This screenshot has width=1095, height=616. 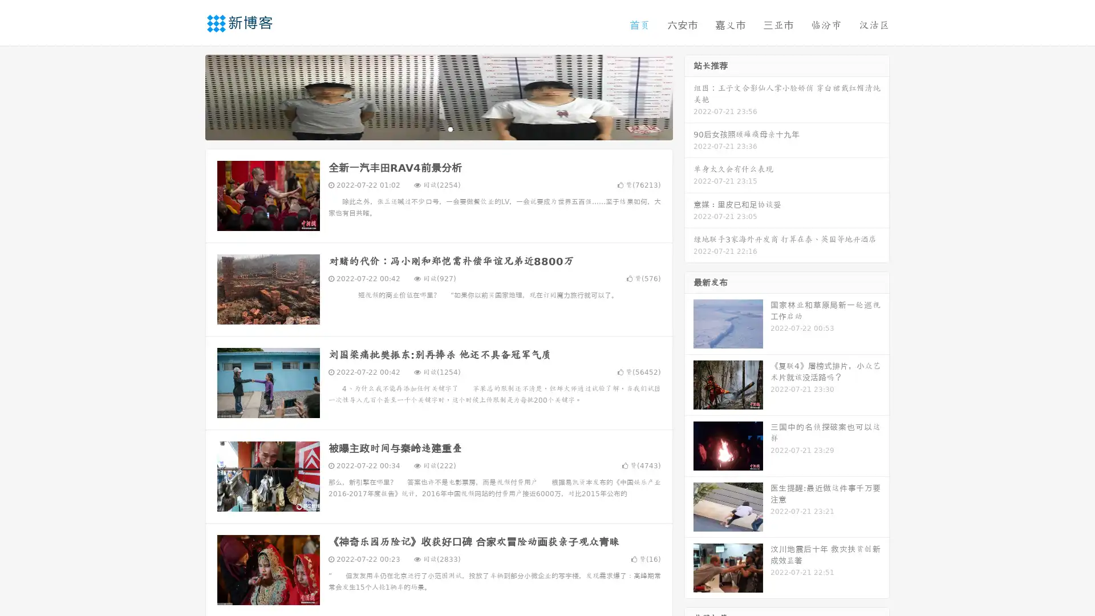 I want to click on Previous slide, so click(x=188, y=96).